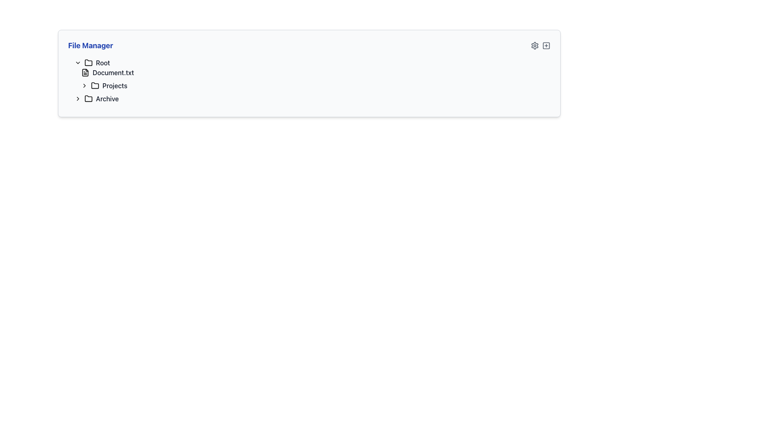 The height and width of the screenshot is (441, 784). What do you see at coordinates (114, 85) in the screenshot?
I see `the 'Projects' text label, which is styled in dark gray and located within the file manager interface` at bounding box center [114, 85].